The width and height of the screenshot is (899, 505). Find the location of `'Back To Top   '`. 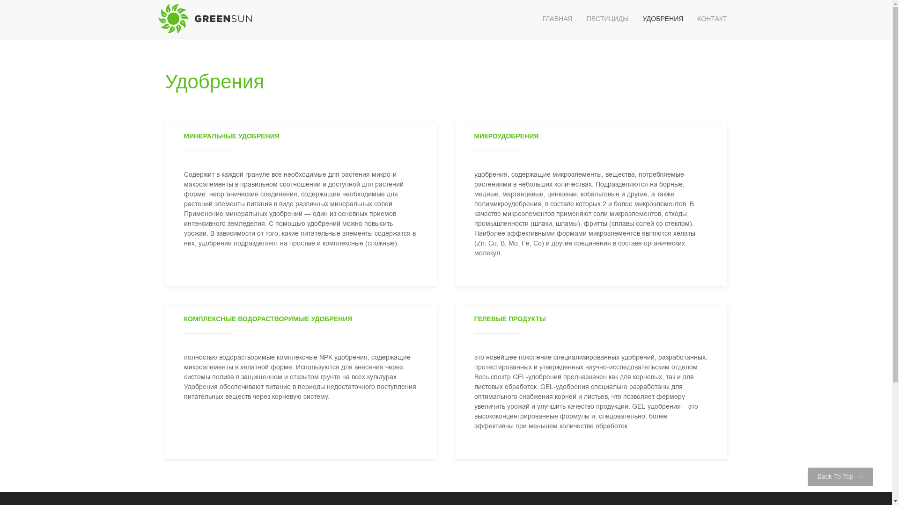

'Back To Top   ' is located at coordinates (840, 476).